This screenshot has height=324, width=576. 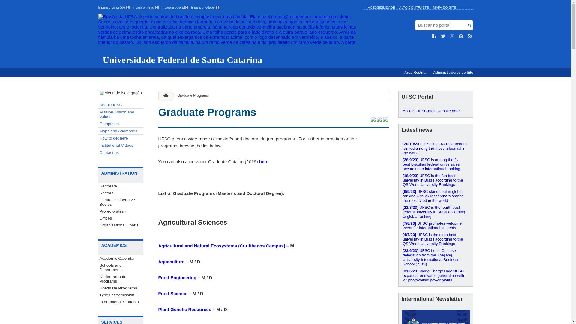 What do you see at coordinates (381, 7) in the screenshot?
I see `'ACESSIBILIDADE'` at bounding box center [381, 7].